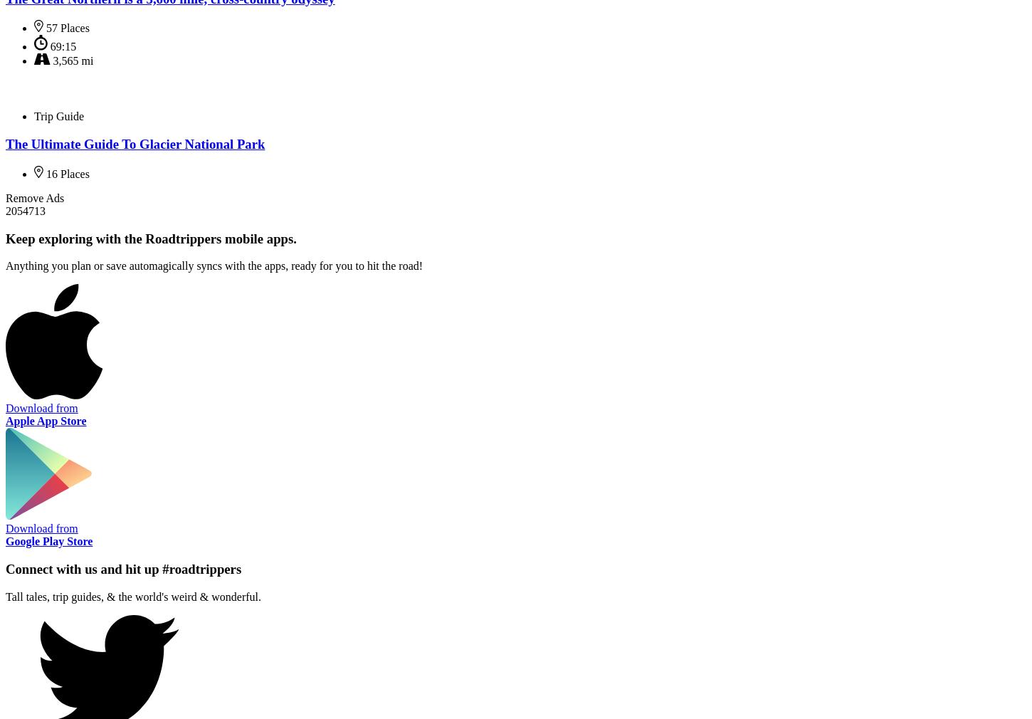 This screenshot has width=1032, height=719. I want to click on 'Trip Guide', so click(58, 115).